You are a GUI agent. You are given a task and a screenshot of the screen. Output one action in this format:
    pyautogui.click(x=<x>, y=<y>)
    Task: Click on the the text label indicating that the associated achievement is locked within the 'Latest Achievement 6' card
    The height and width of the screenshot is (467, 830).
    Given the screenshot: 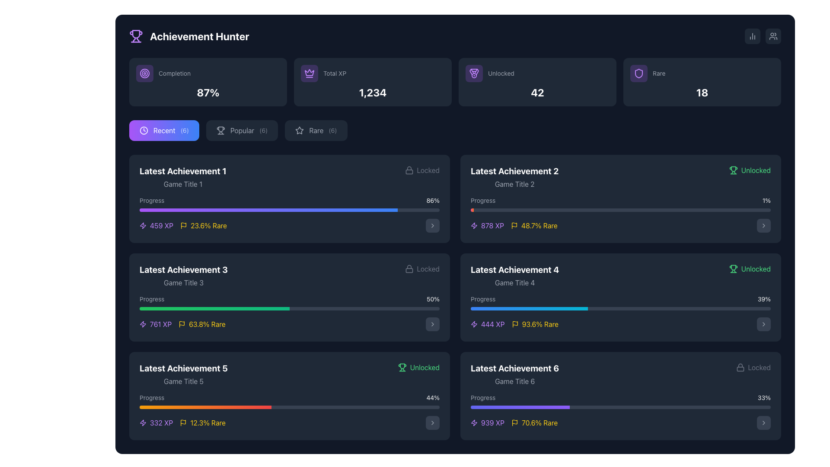 What is the action you would take?
    pyautogui.click(x=759, y=367)
    